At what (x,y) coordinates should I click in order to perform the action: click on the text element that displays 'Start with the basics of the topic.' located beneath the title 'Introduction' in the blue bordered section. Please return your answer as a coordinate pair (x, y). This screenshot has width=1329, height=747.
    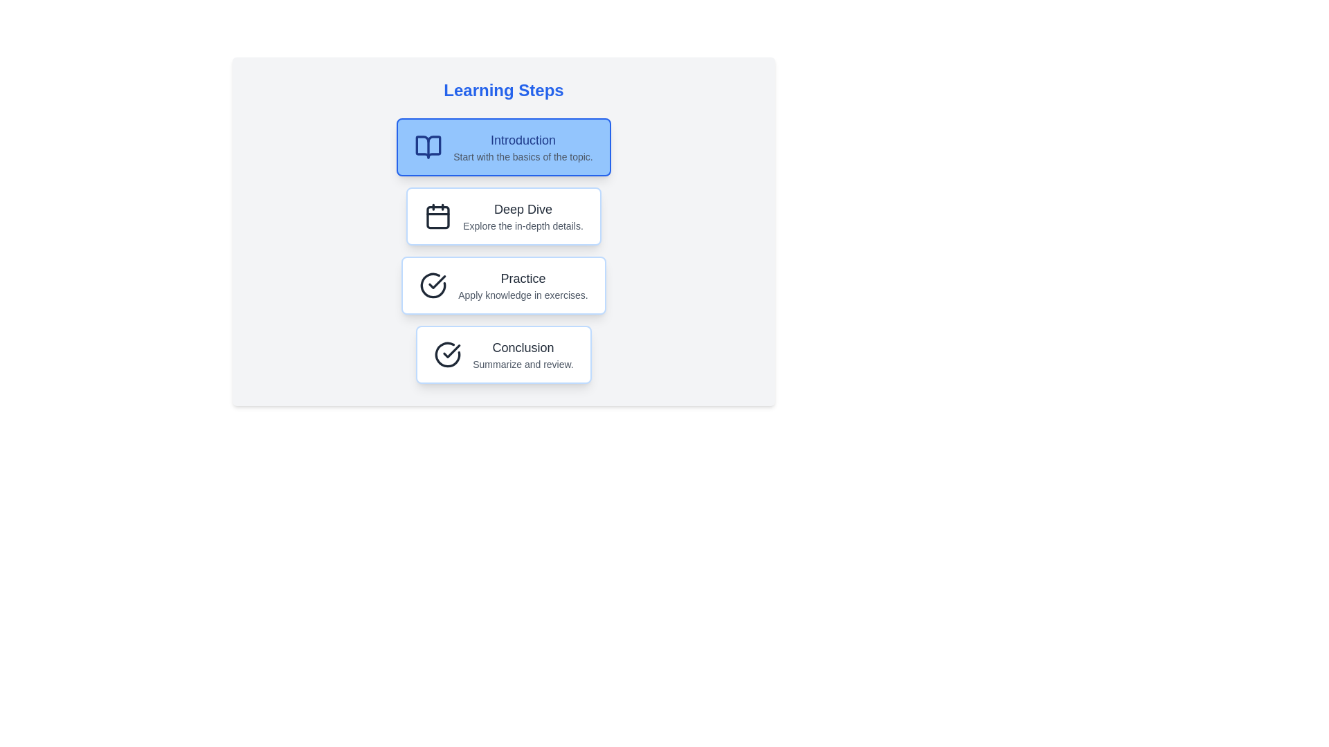
    Looking at the image, I should click on (522, 156).